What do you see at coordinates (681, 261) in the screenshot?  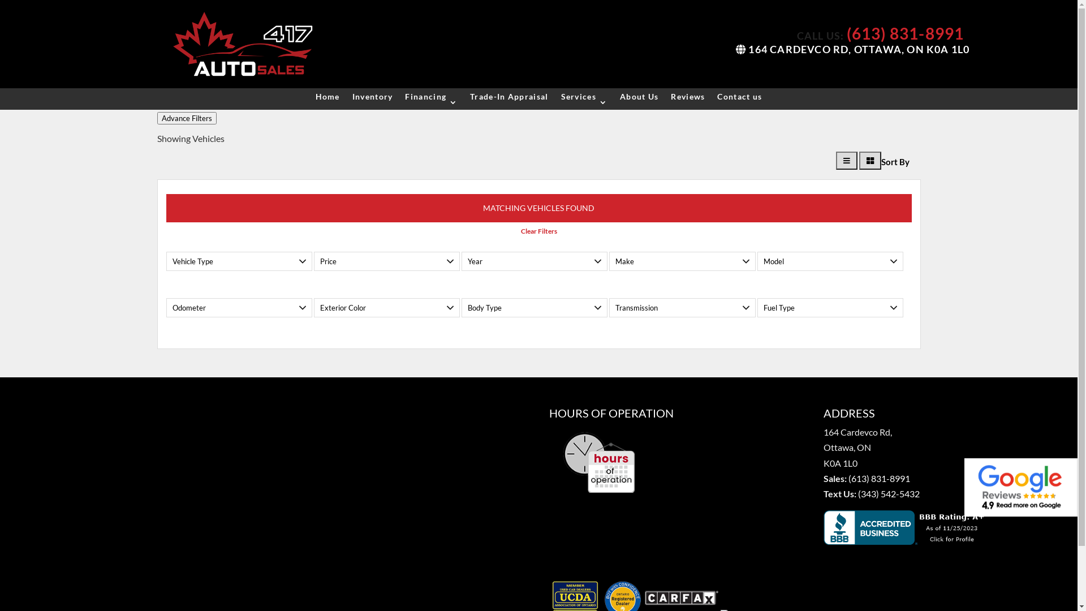 I see `'Make'` at bounding box center [681, 261].